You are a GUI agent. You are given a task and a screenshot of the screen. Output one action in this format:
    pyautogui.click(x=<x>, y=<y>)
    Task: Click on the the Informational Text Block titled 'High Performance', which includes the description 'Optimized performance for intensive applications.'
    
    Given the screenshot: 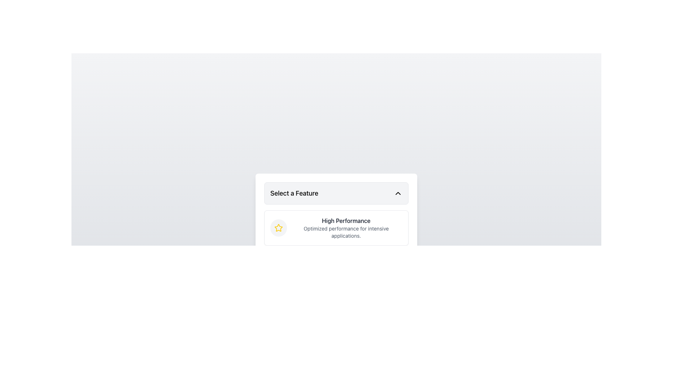 What is the action you would take?
    pyautogui.click(x=346, y=228)
    